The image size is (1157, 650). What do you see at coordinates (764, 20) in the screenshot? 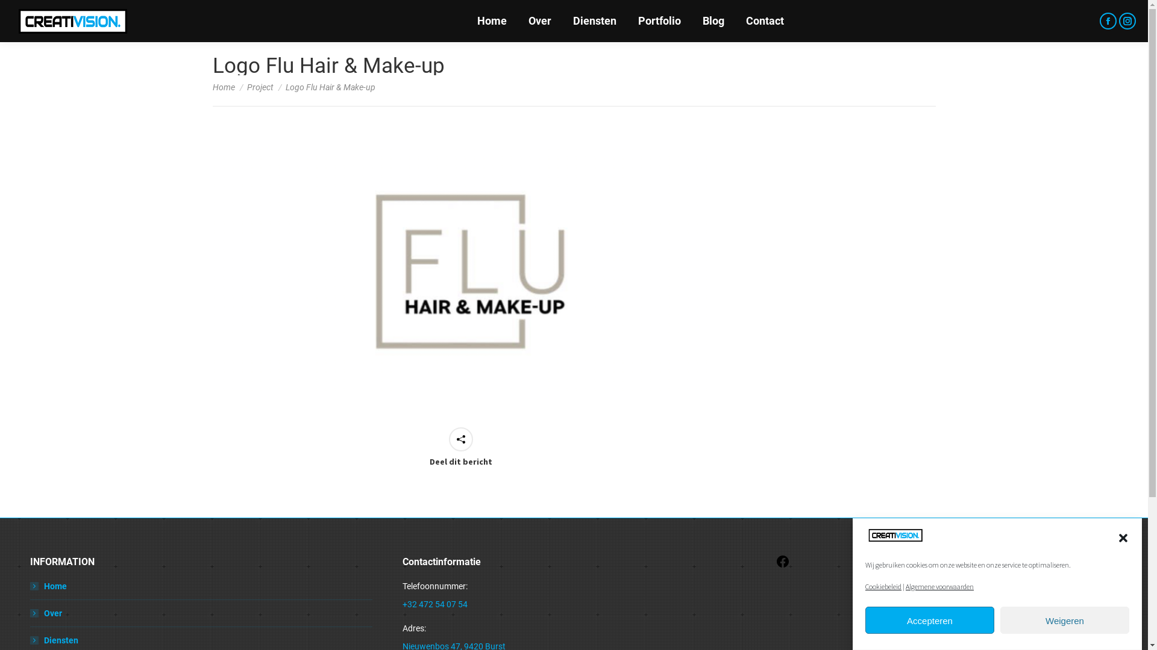
I see `'Contact'` at bounding box center [764, 20].